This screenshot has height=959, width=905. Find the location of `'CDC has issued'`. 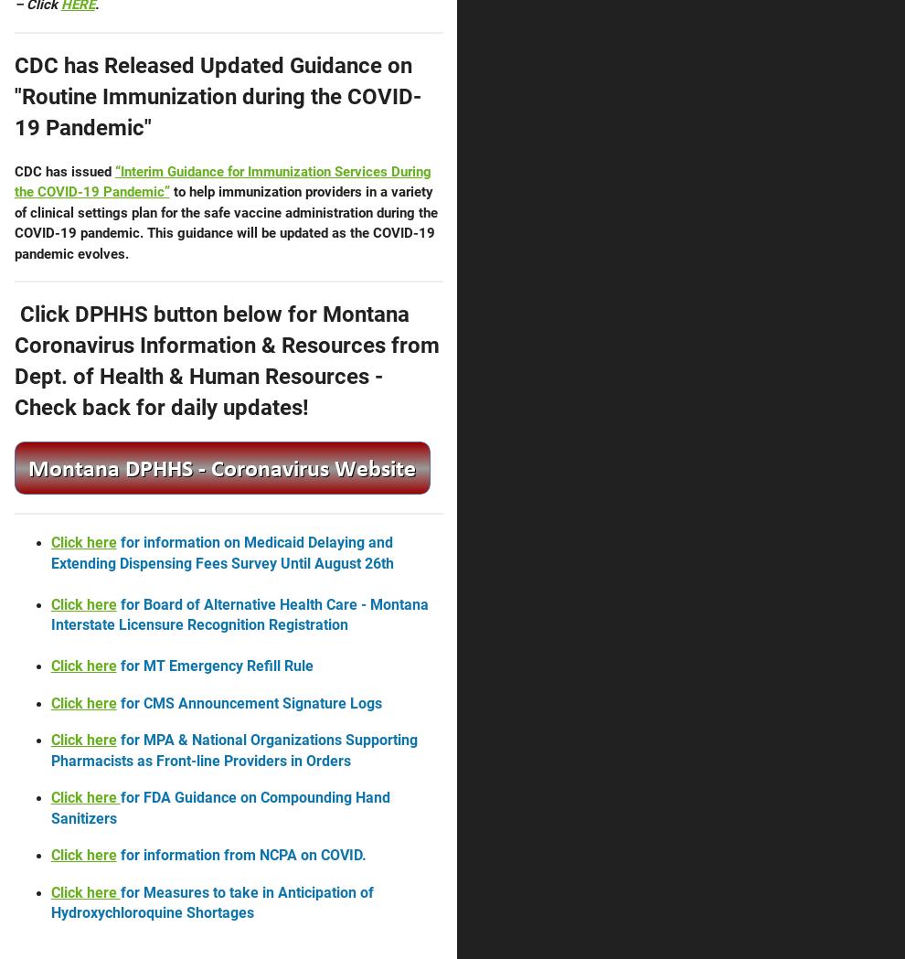

'CDC has issued' is located at coordinates (63, 170).